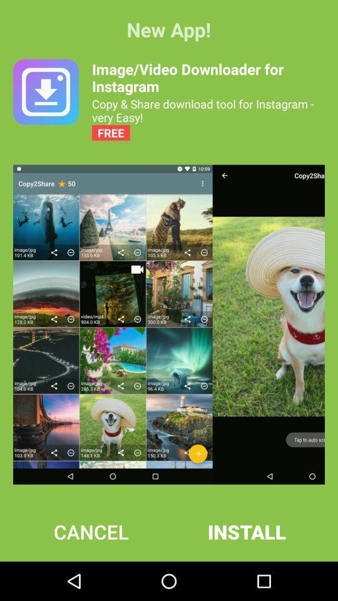 The image size is (338, 601). What do you see at coordinates (90, 531) in the screenshot?
I see `the icon at the bottom left corner` at bounding box center [90, 531].